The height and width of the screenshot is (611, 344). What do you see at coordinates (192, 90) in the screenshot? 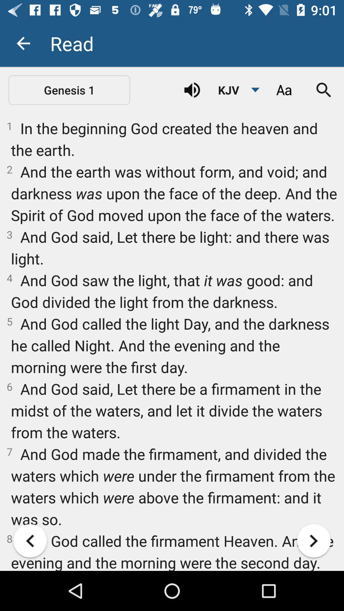
I see `item next to the kjv item` at bounding box center [192, 90].